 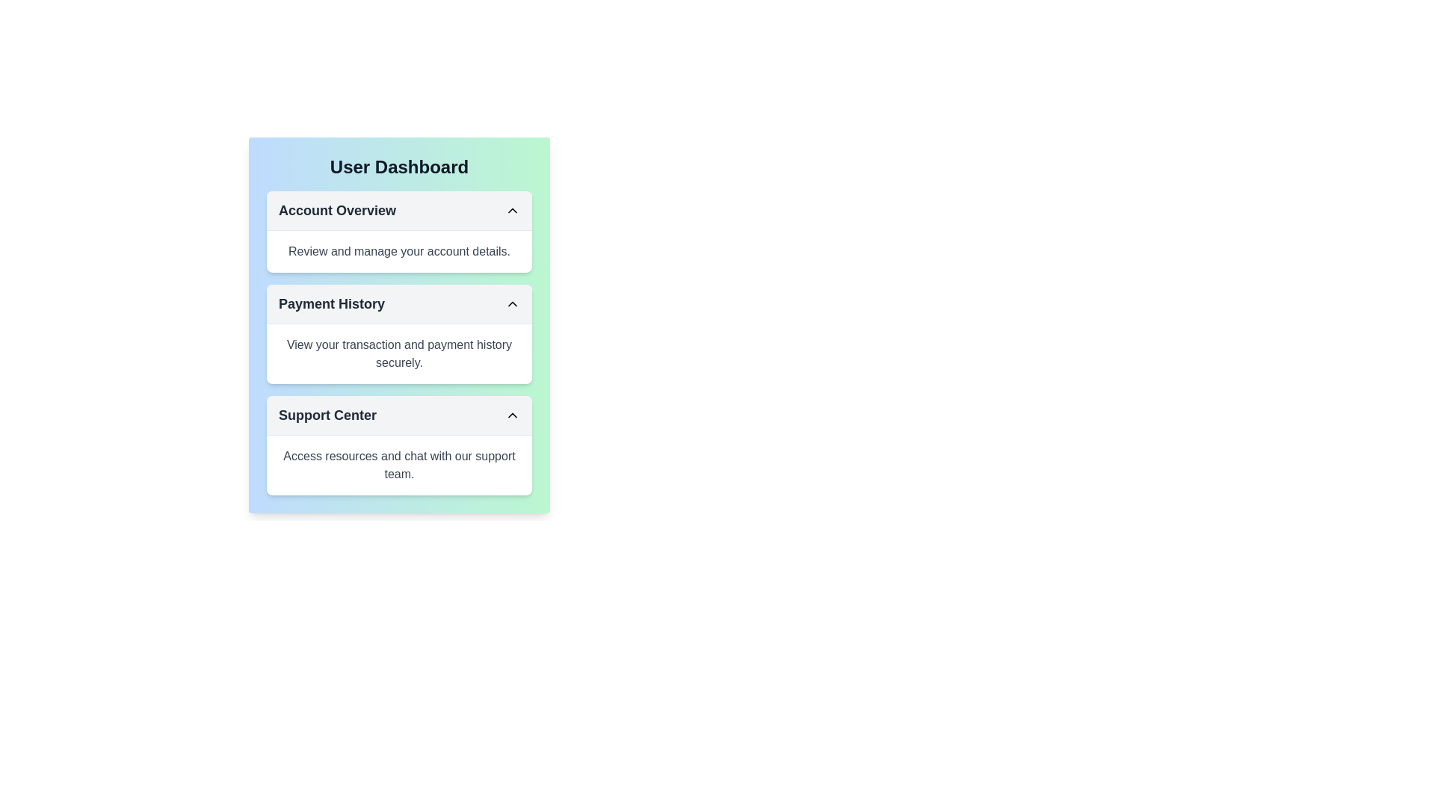 What do you see at coordinates (399, 354) in the screenshot?
I see `the static text element that states, 'View your transaction and payment history securely.' It is located in the 'Payment History' section of the User Dashboard, centered below the section title 'Payment History.'` at bounding box center [399, 354].